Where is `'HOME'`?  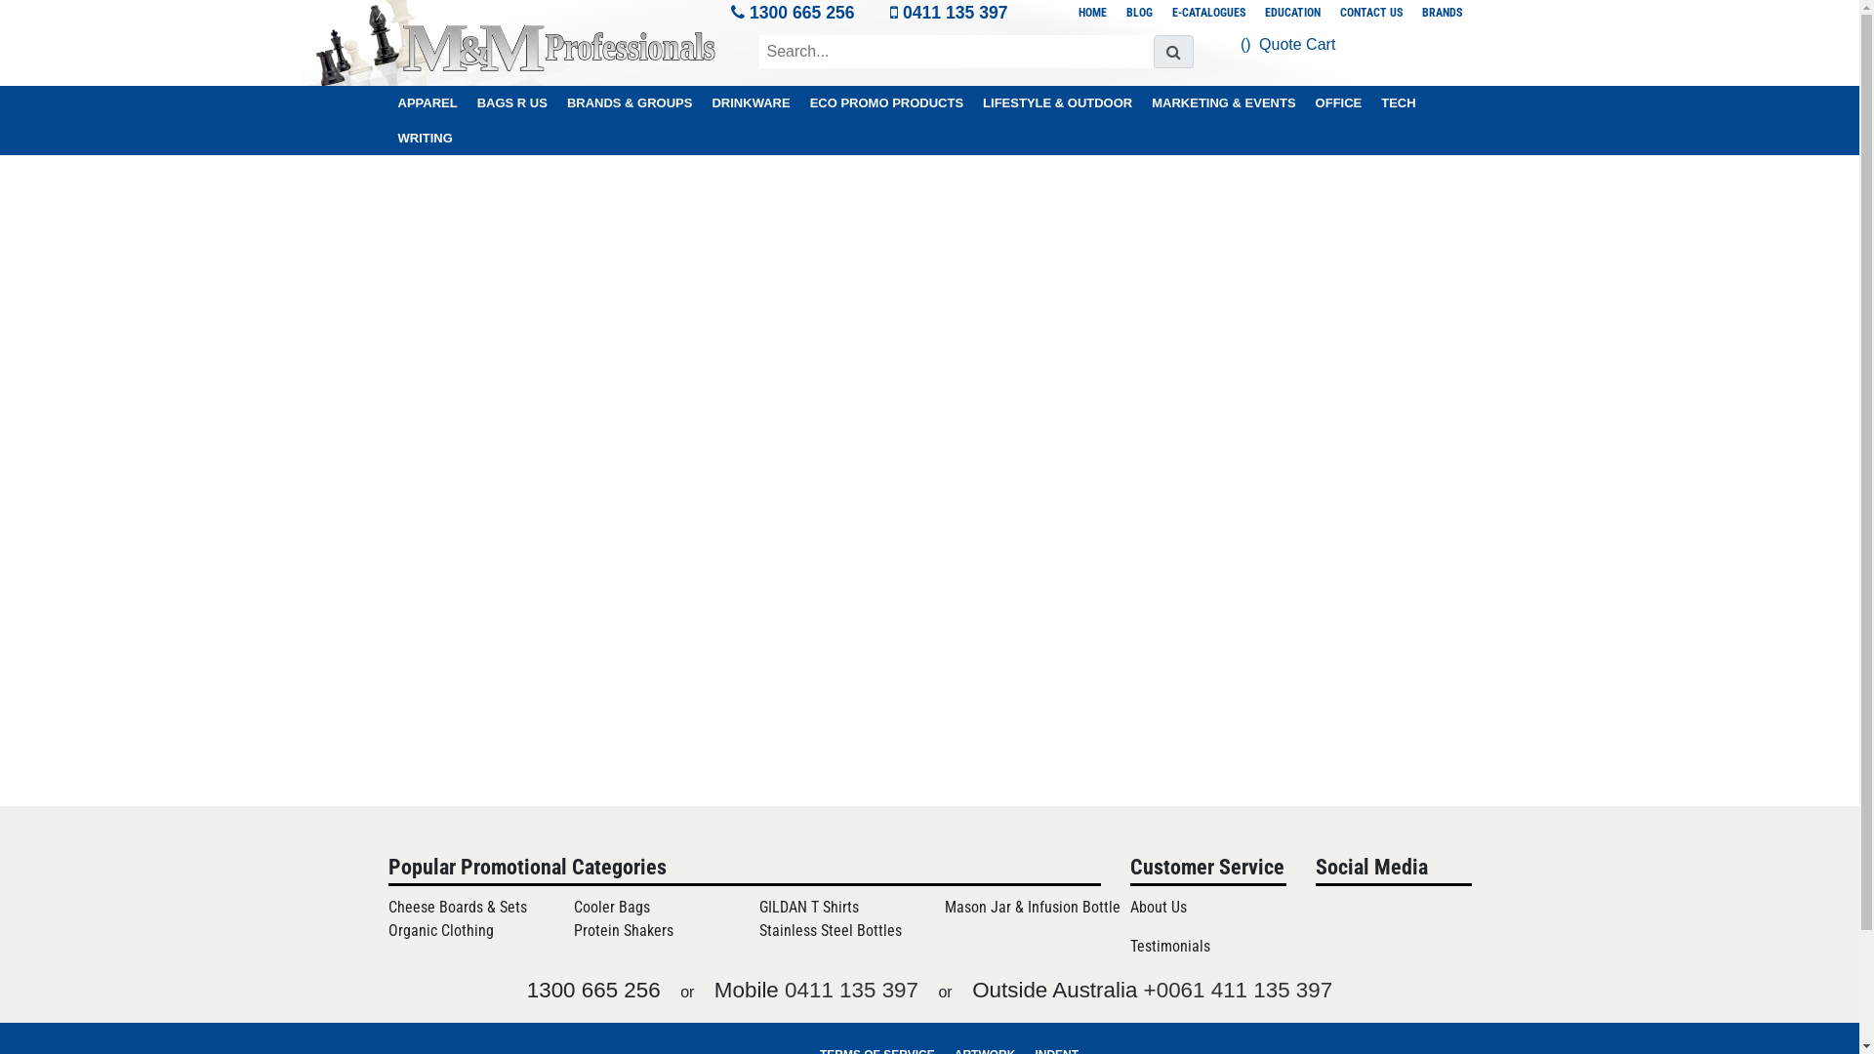
'HOME' is located at coordinates (1090, 12).